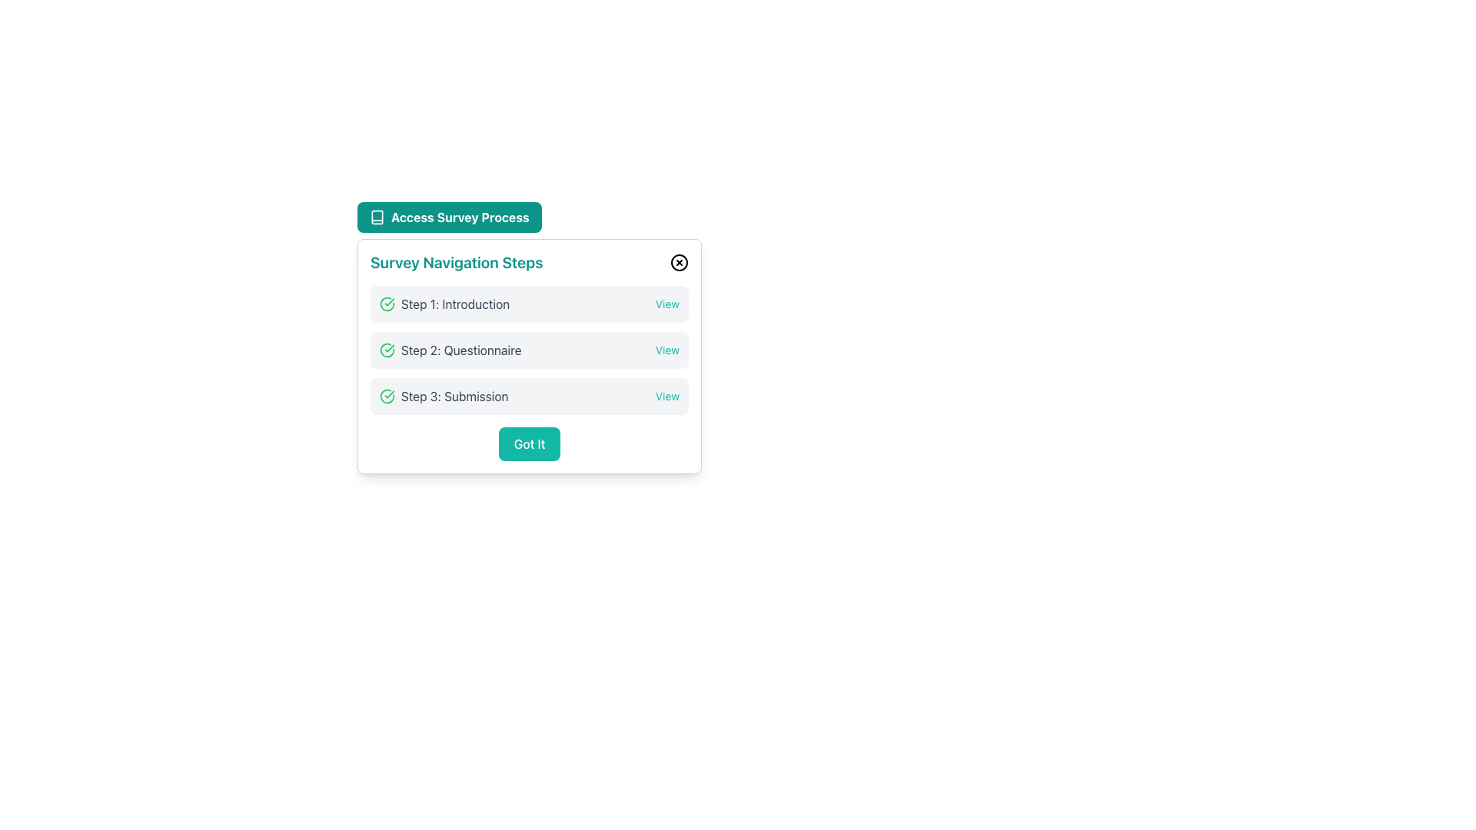 The width and height of the screenshot is (1476, 830). What do you see at coordinates (377, 217) in the screenshot?
I see `the icon located in the small green header bar labeled 'Access Survey Process', positioned to the left of the text` at bounding box center [377, 217].